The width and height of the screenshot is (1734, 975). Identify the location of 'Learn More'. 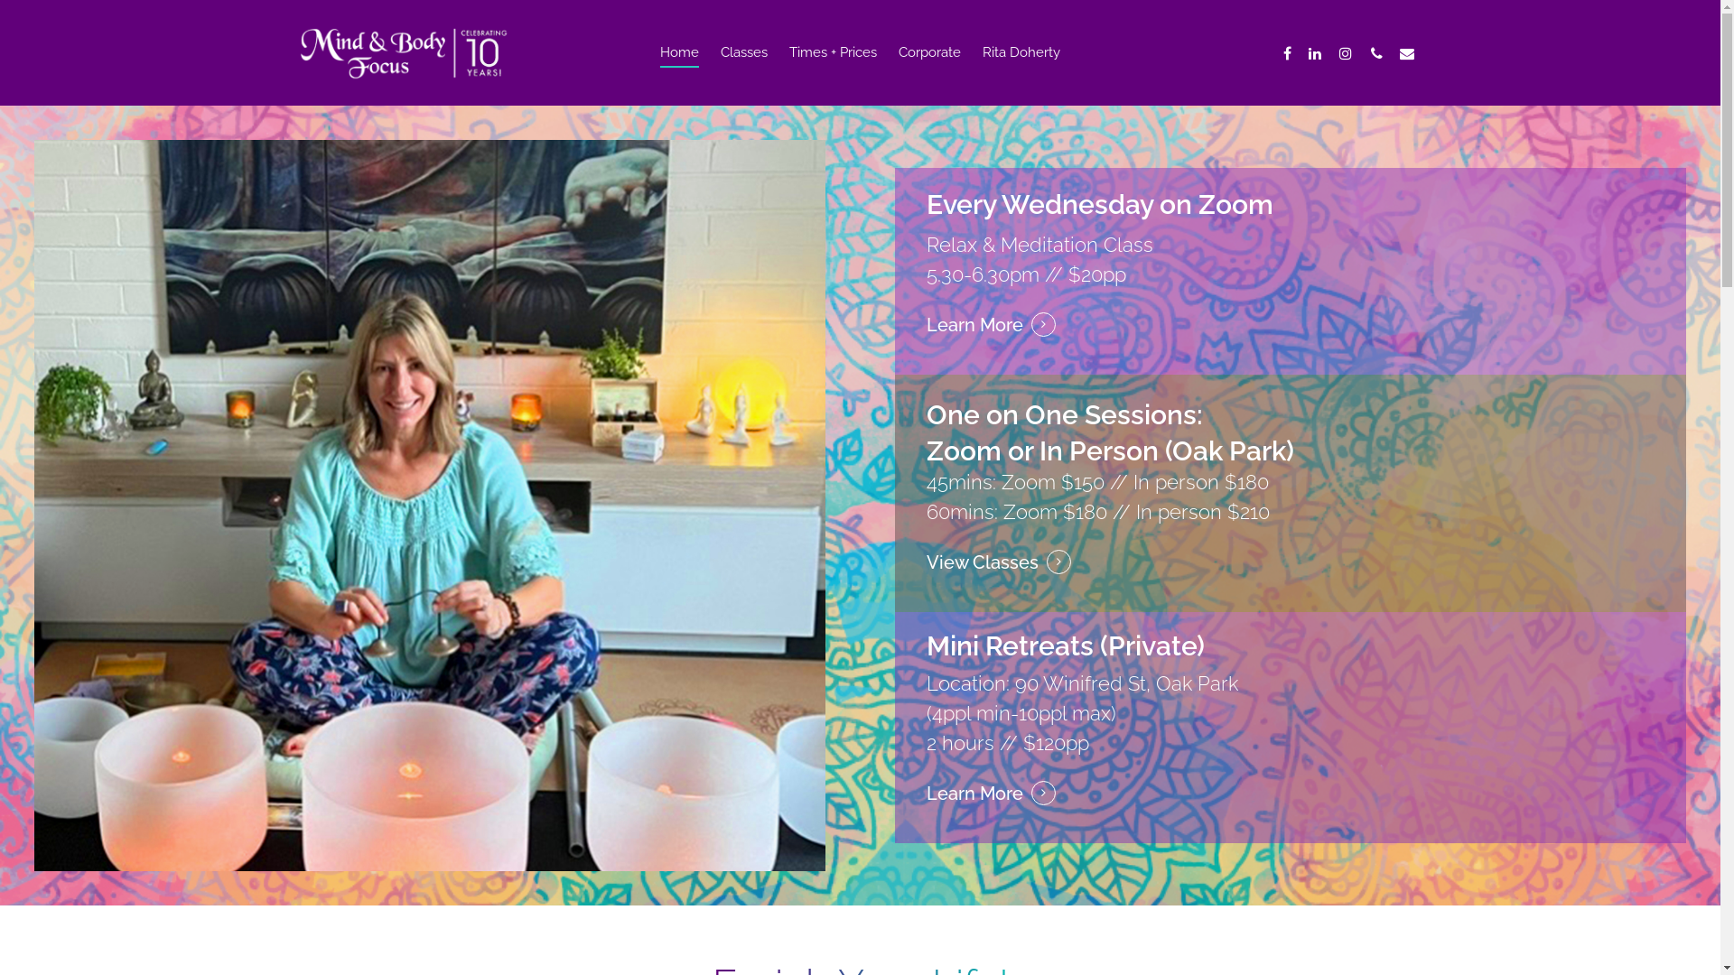
(990, 325).